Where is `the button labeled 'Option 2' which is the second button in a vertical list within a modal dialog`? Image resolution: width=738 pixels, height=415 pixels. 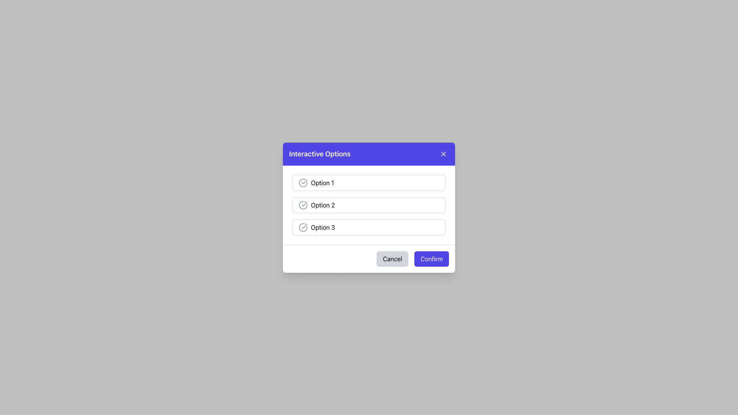 the button labeled 'Option 2' which is the second button in a vertical list within a modal dialog is located at coordinates (369, 207).